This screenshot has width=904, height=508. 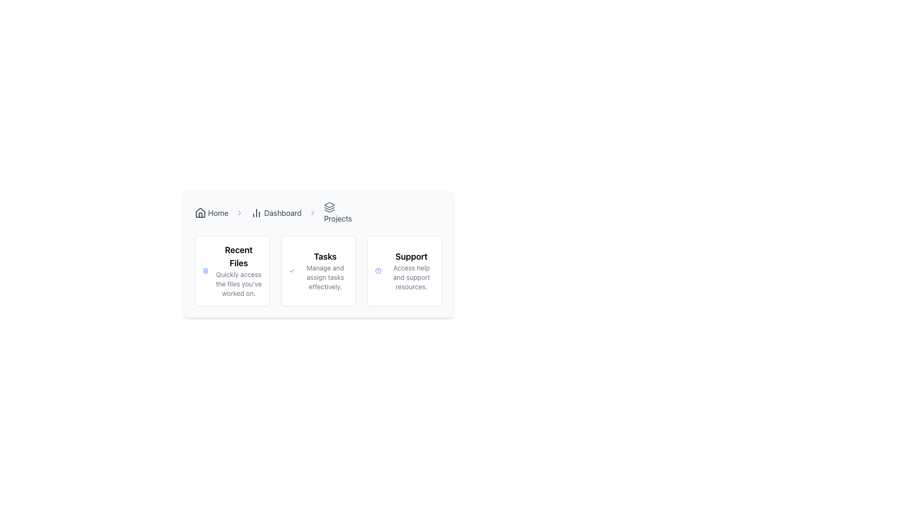 I want to click on the green checkmark icon located within the 'Tasks' card, positioned to the left of the text content and slightly above the vertical center, so click(x=291, y=270).